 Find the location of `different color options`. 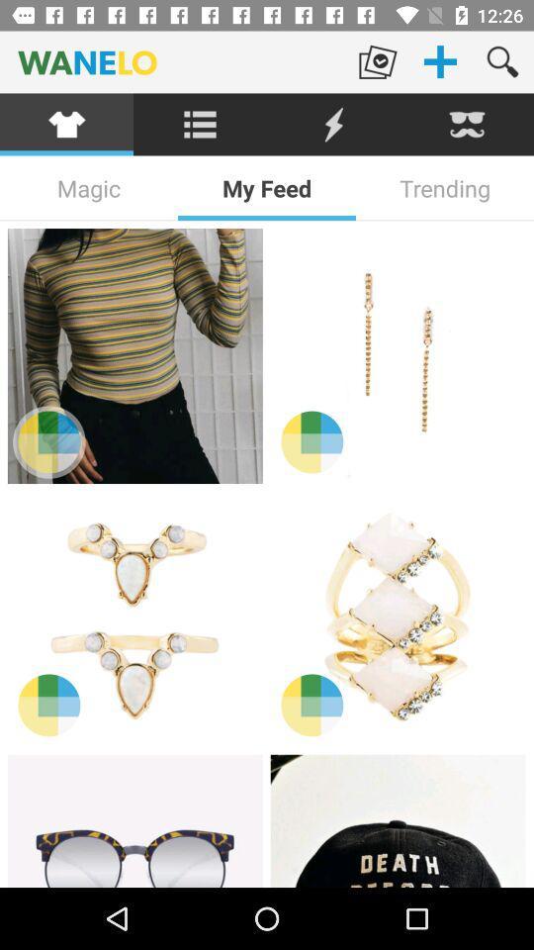

different color options is located at coordinates (311, 441).